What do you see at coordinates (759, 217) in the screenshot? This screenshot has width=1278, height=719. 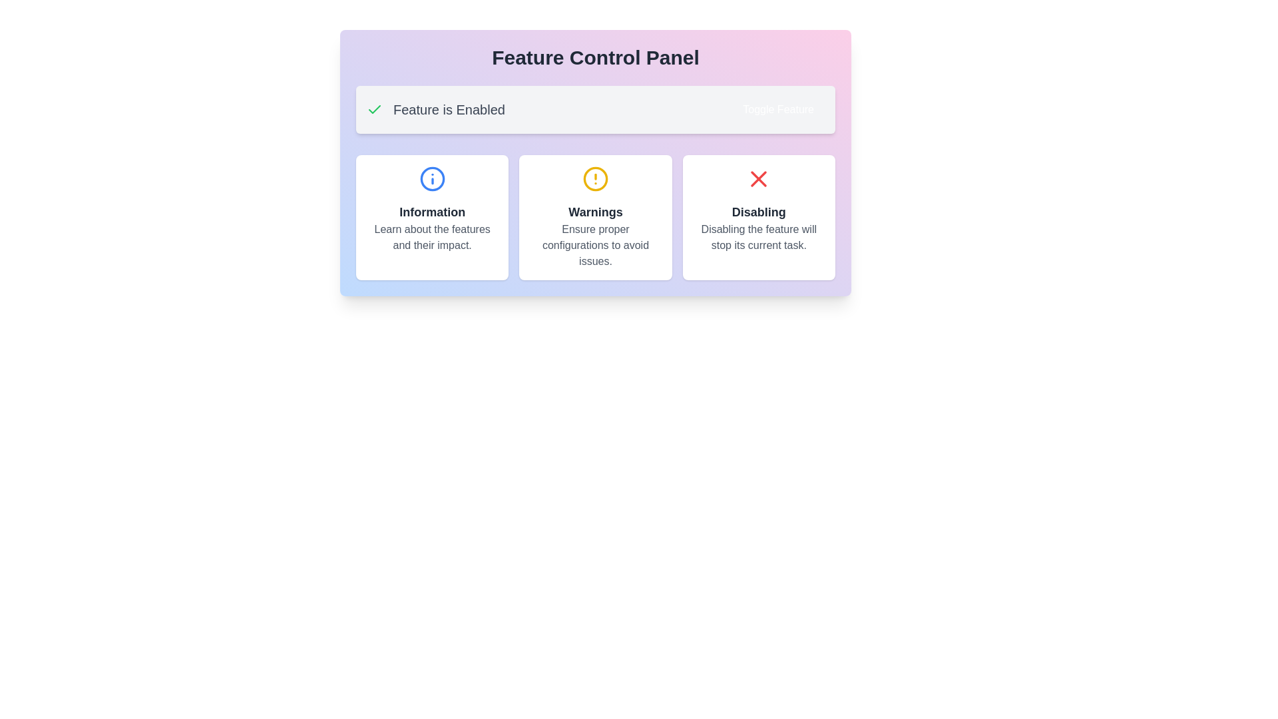 I see `text information from the informational panel that explains the effects of disabling a feature, which is the third panel in a row of three panels aligned horizontally` at bounding box center [759, 217].